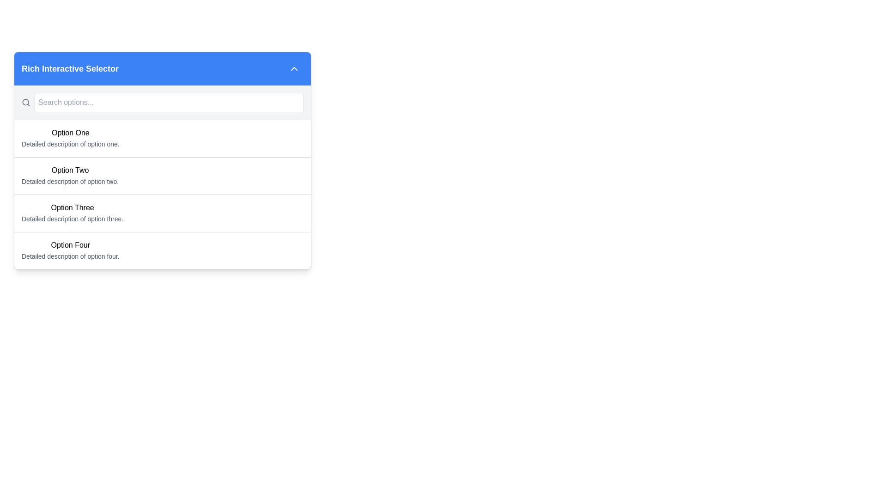 This screenshot has width=887, height=499. I want to click on the third selectable option in the dropdown list labeled 'Option Three', so click(162, 213).